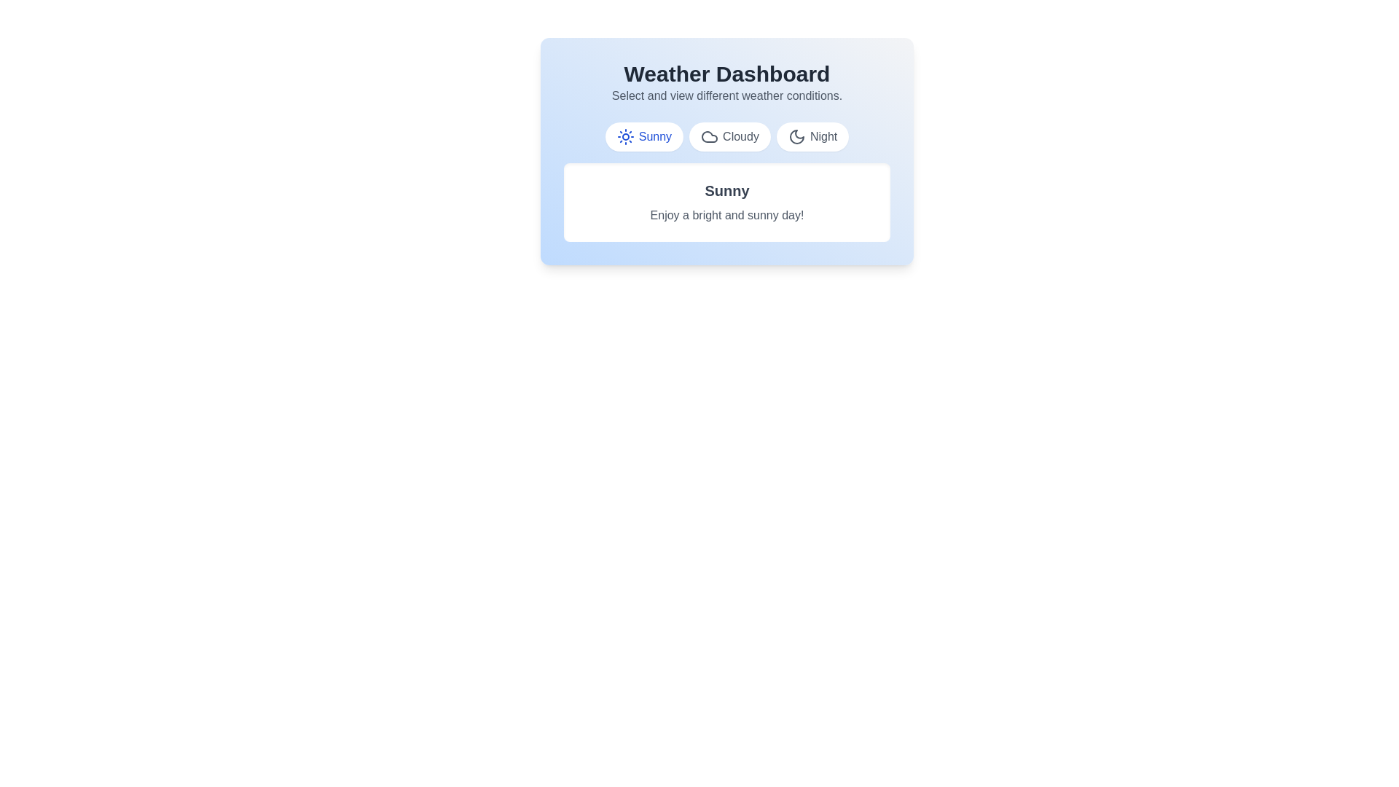  I want to click on the weather tab labeled Night, so click(812, 137).